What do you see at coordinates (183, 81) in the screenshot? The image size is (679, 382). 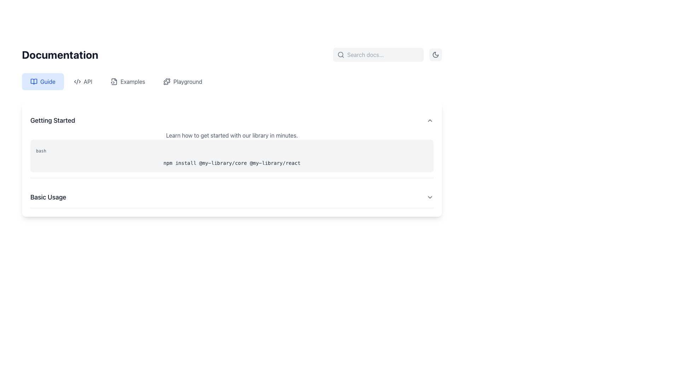 I see `the rectangular button labeled 'Playground' which is the fourth button in a horizontal row, located next to the 'Examples' button` at bounding box center [183, 81].